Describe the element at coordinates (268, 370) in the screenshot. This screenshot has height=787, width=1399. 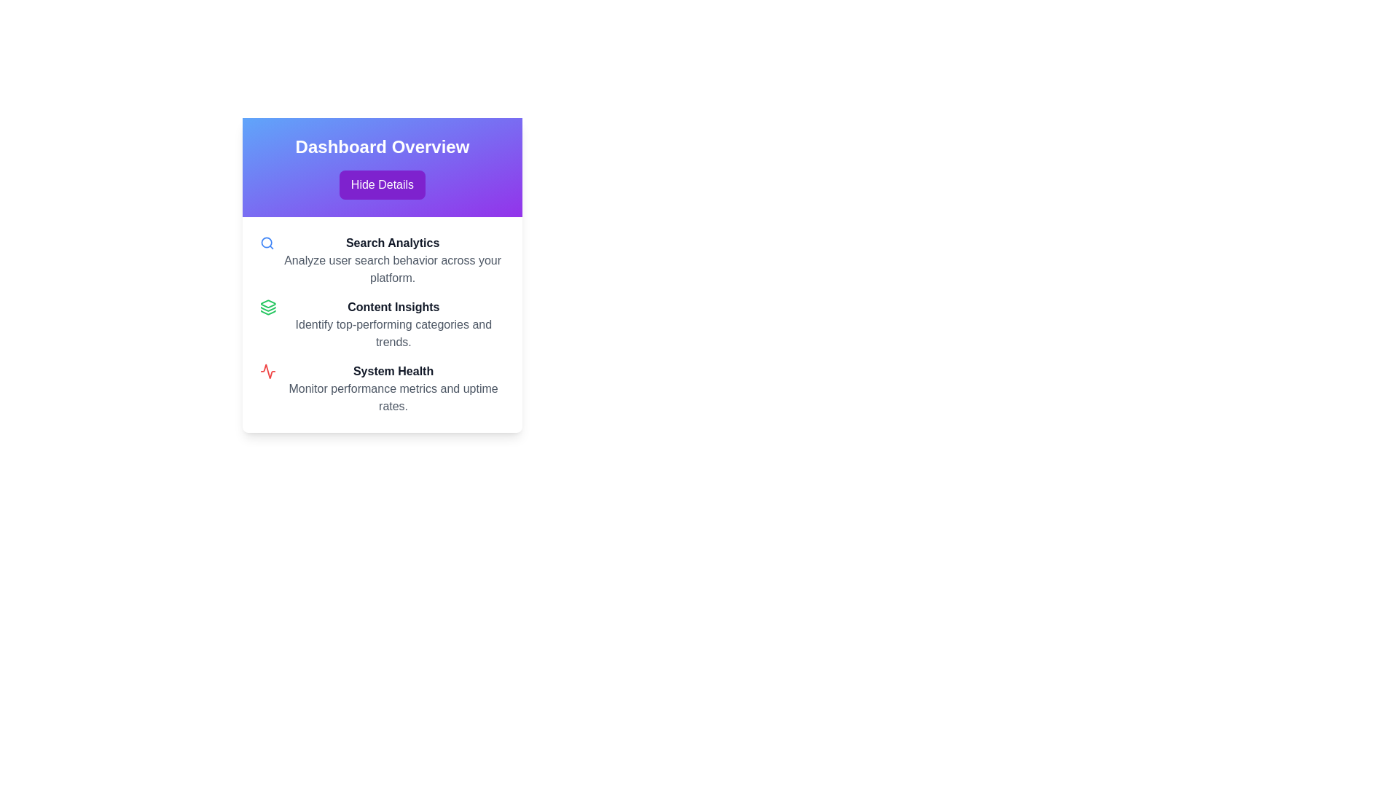
I see `the representation of the icon resembling a line graph, colored bright red, located at the beginning of the 'System Health' row` at that location.